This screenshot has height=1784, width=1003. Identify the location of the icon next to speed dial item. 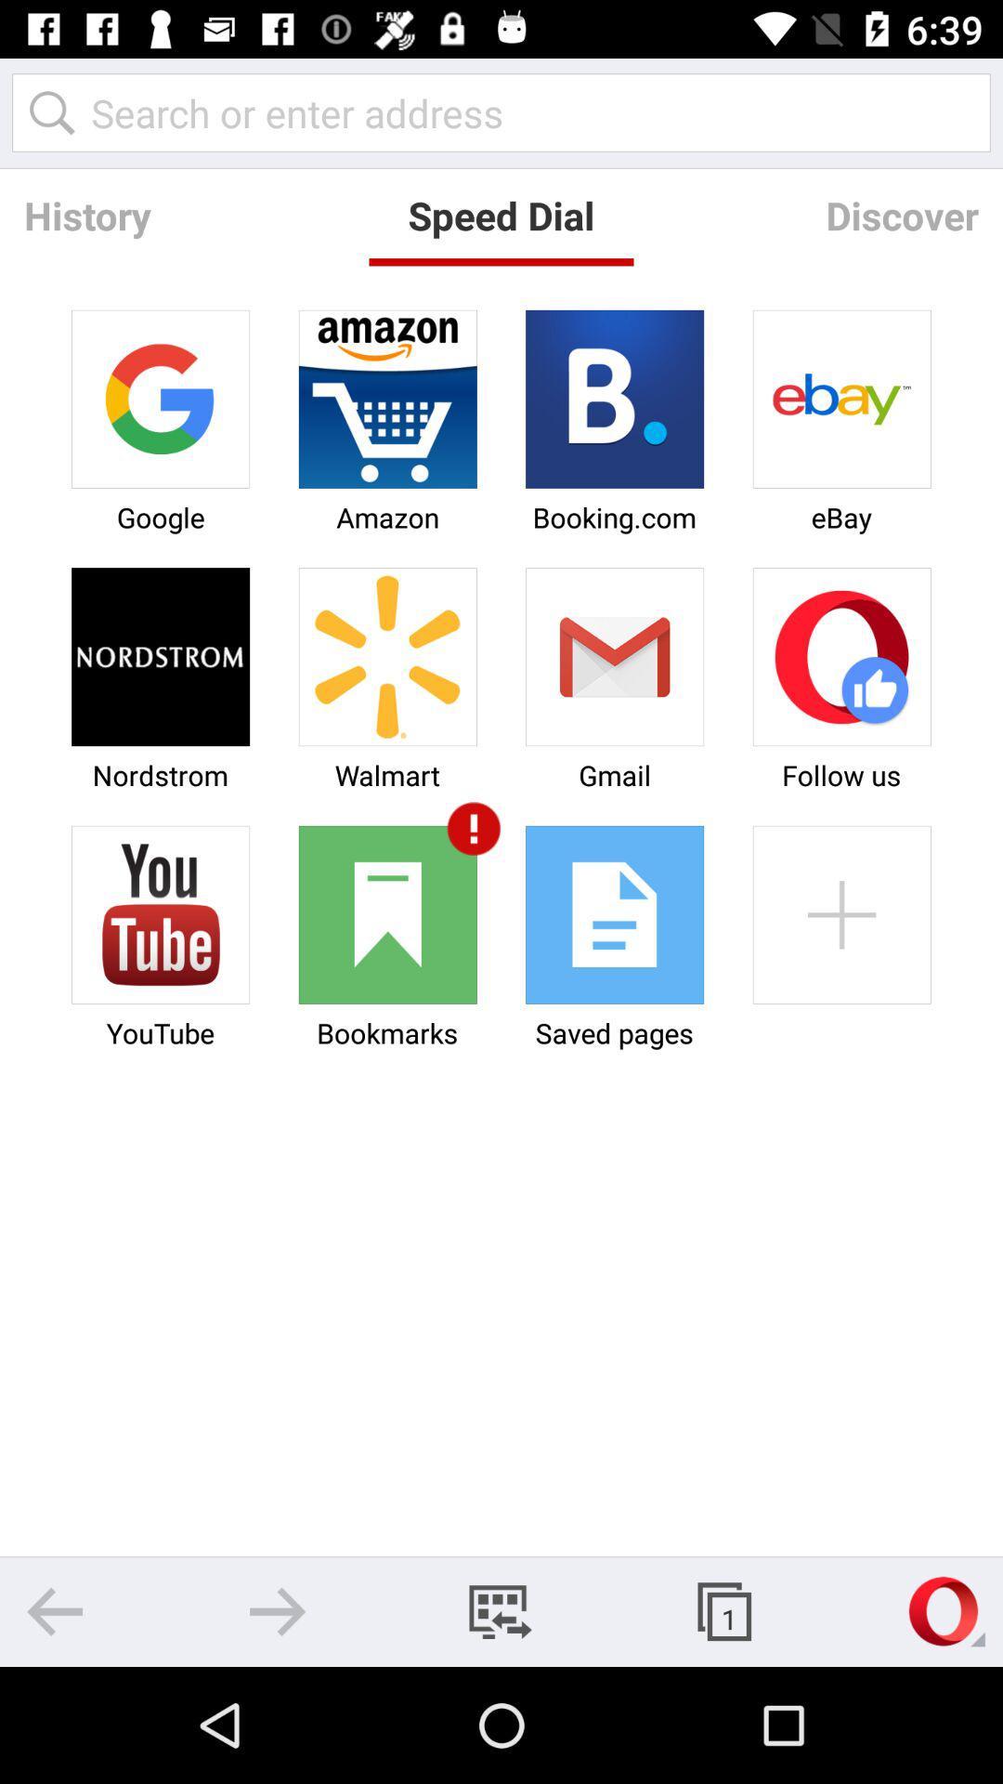
(87, 215).